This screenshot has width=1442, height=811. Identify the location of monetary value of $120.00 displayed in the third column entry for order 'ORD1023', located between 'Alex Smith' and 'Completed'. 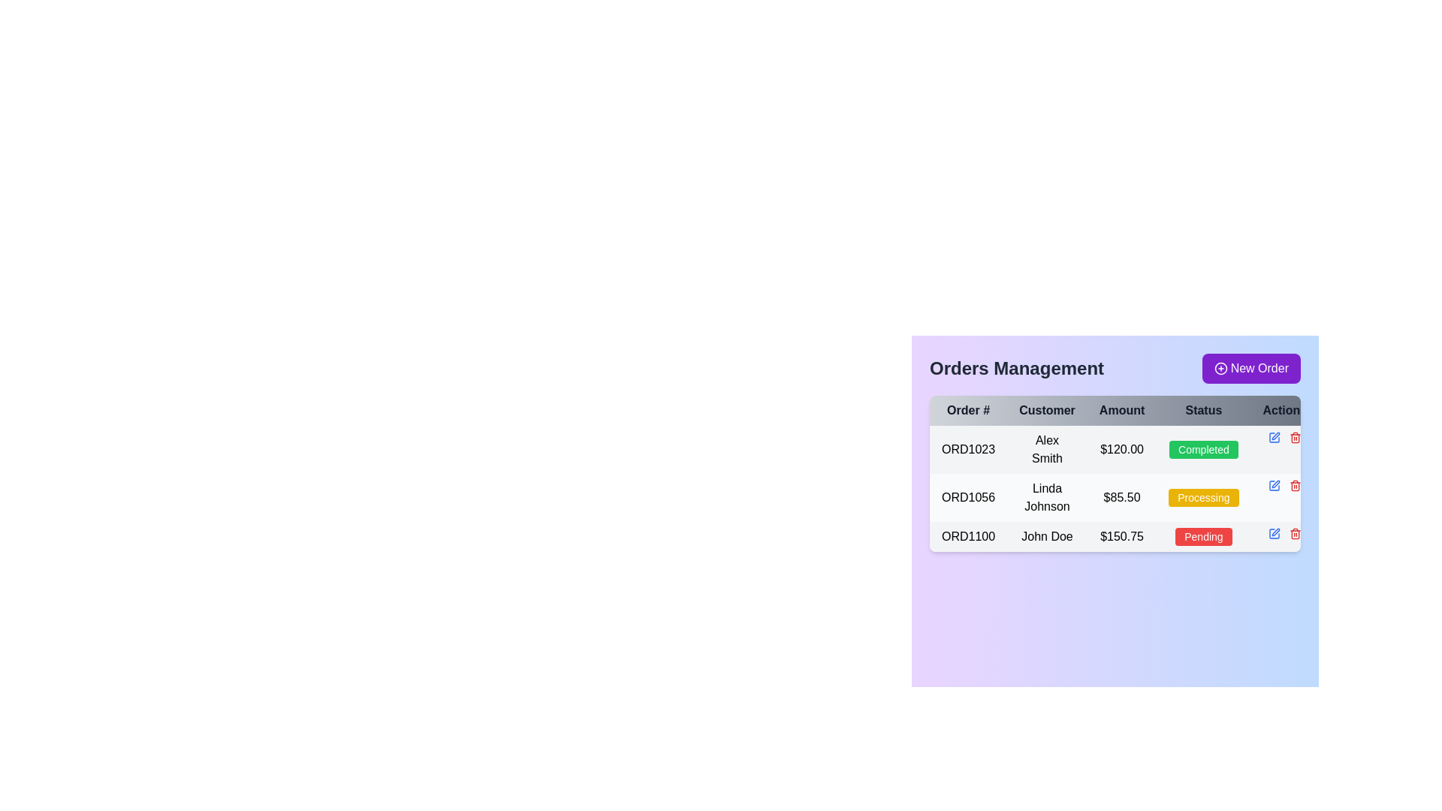
(1122, 448).